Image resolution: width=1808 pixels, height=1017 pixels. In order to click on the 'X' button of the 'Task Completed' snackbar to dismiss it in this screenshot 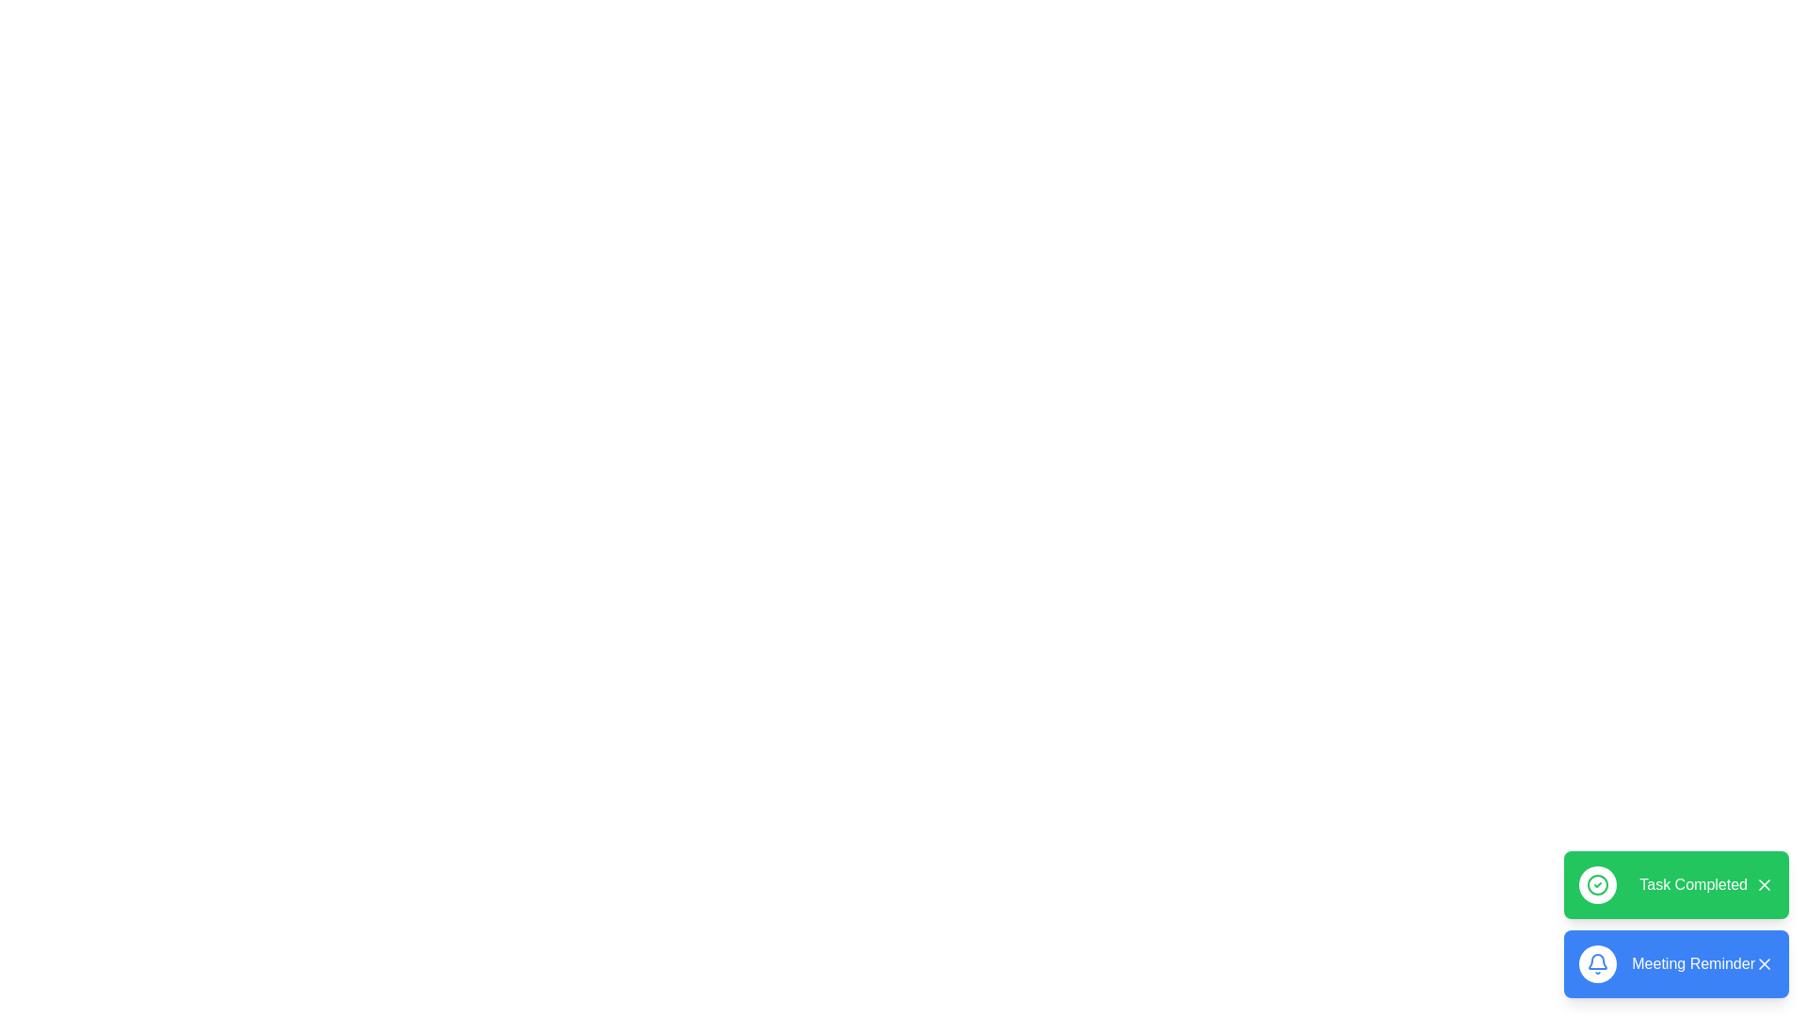, I will do `click(1763, 885)`.